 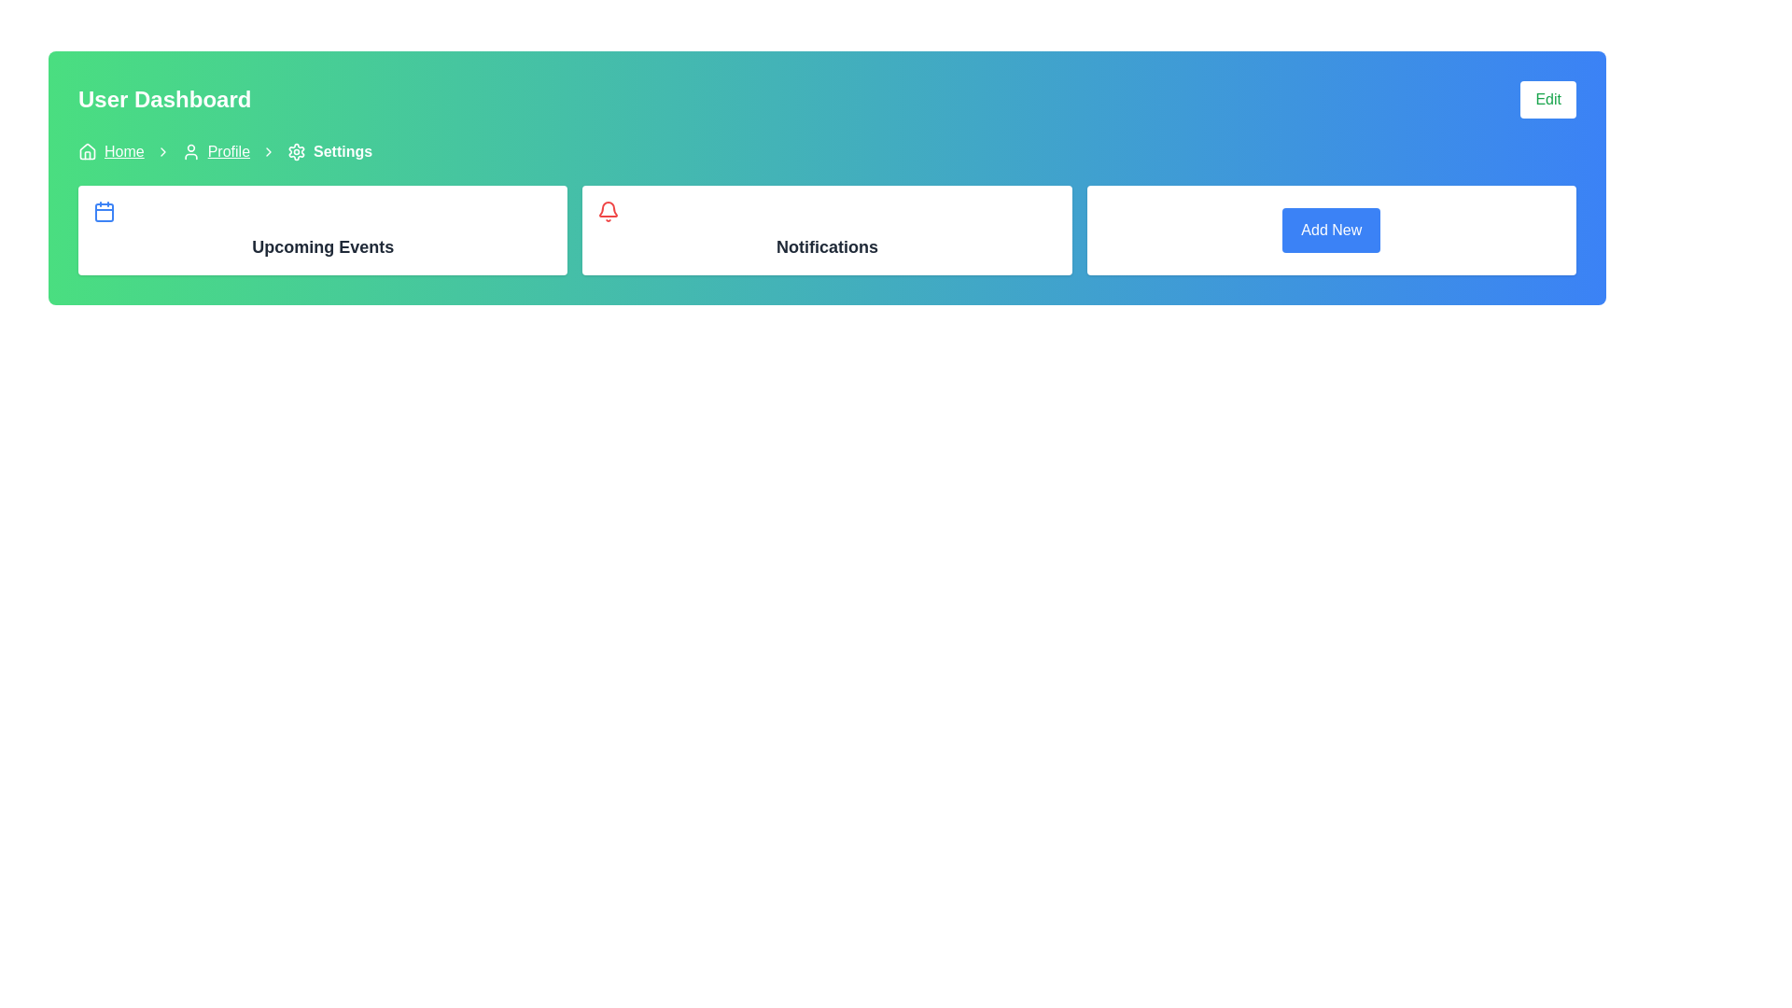 I want to click on the interactive link labeled 'Profile' which consists of a user icon and underlined text, located, so click(x=216, y=150).